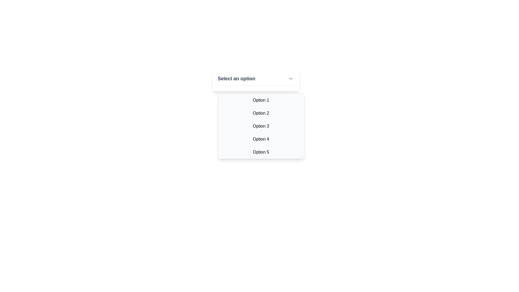 The height and width of the screenshot is (292, 519). Describe the element at coordinates (261, 139) in the screenshot. I see `the fourth item in the dropdown menu` at that location.